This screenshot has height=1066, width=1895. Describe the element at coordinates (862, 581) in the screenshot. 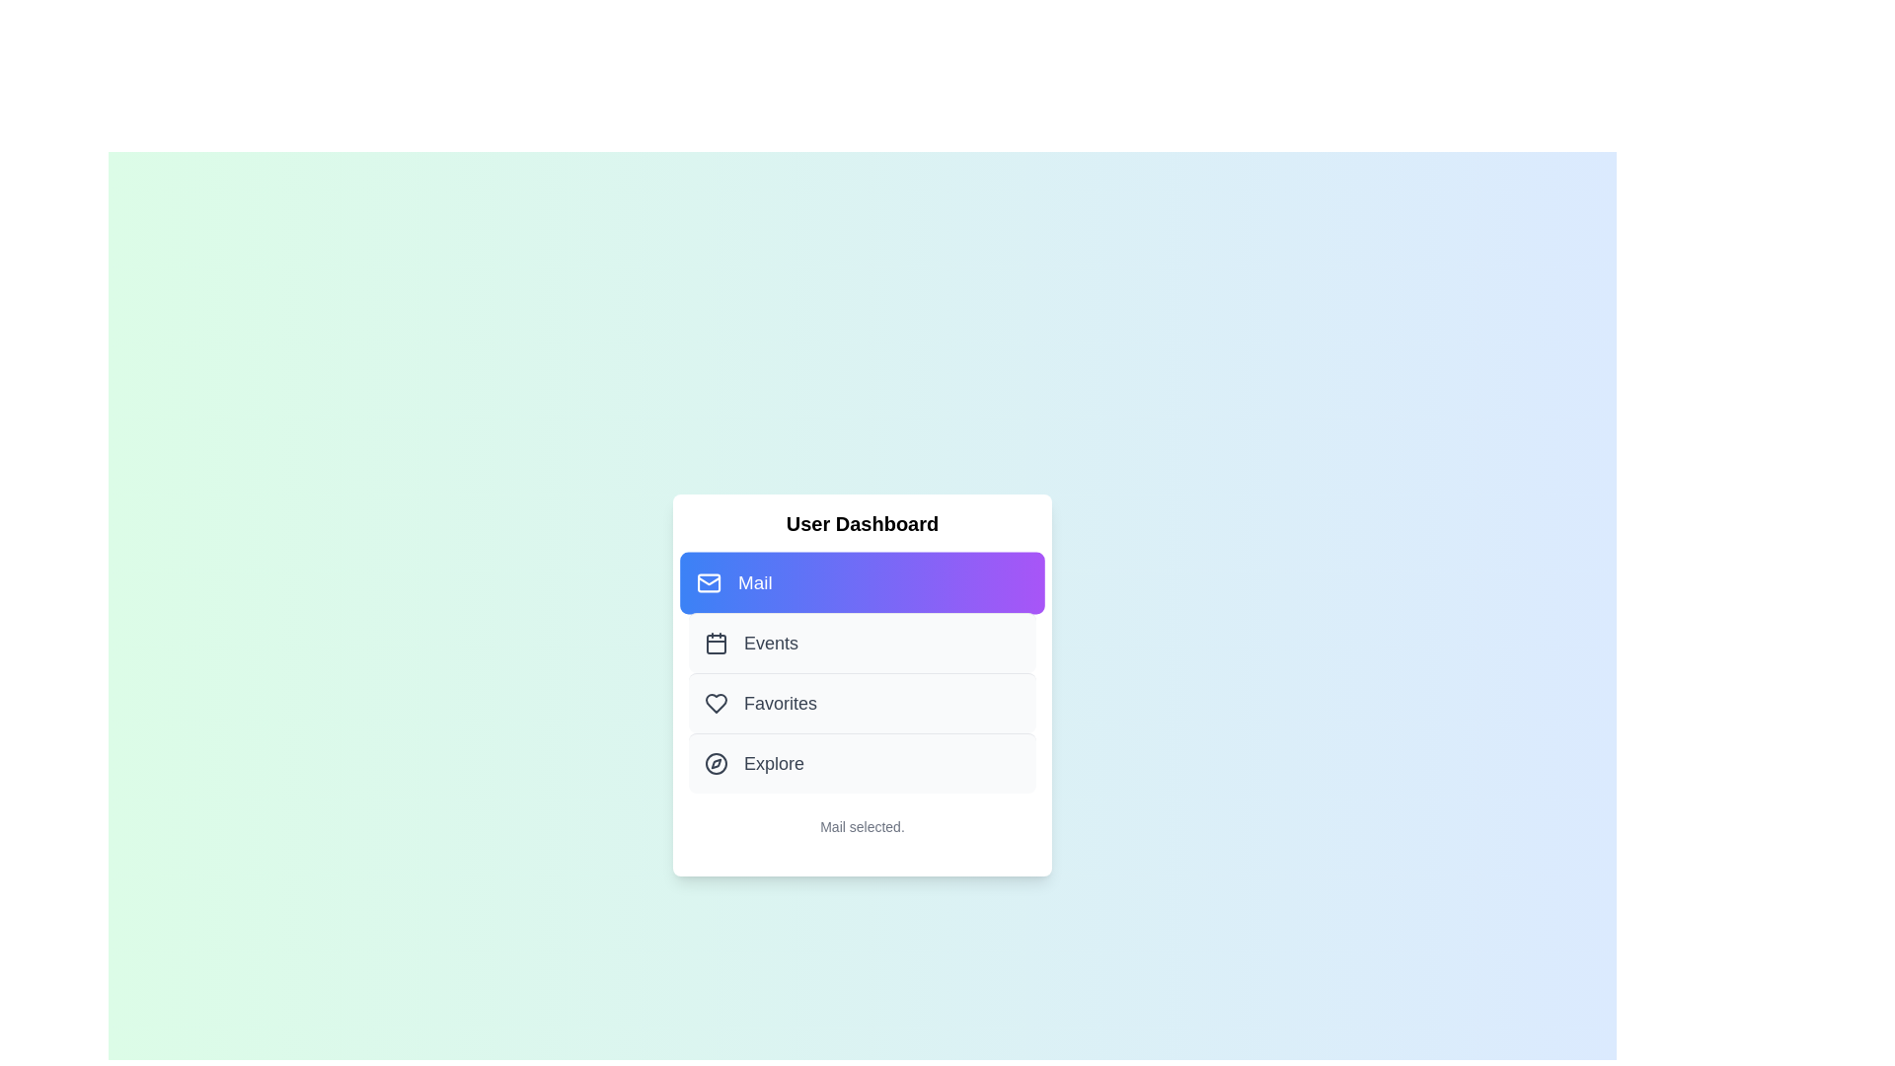

I see `the menu option labeled Mail` at that location.